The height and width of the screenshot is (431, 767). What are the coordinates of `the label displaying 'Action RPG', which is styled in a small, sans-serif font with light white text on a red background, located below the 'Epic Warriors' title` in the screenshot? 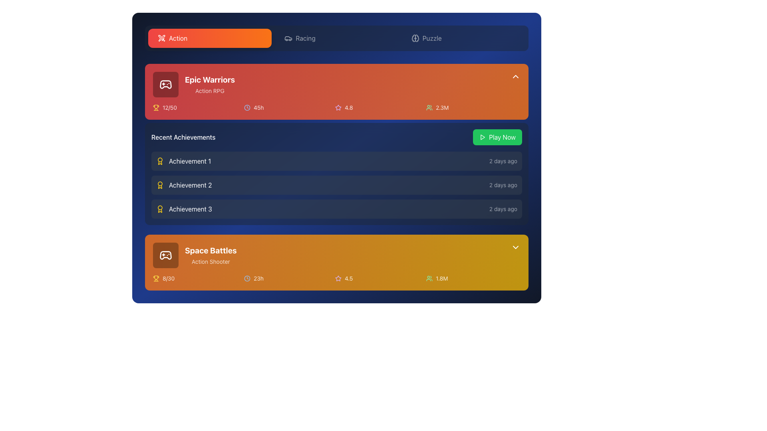 It's located at (210, 90).